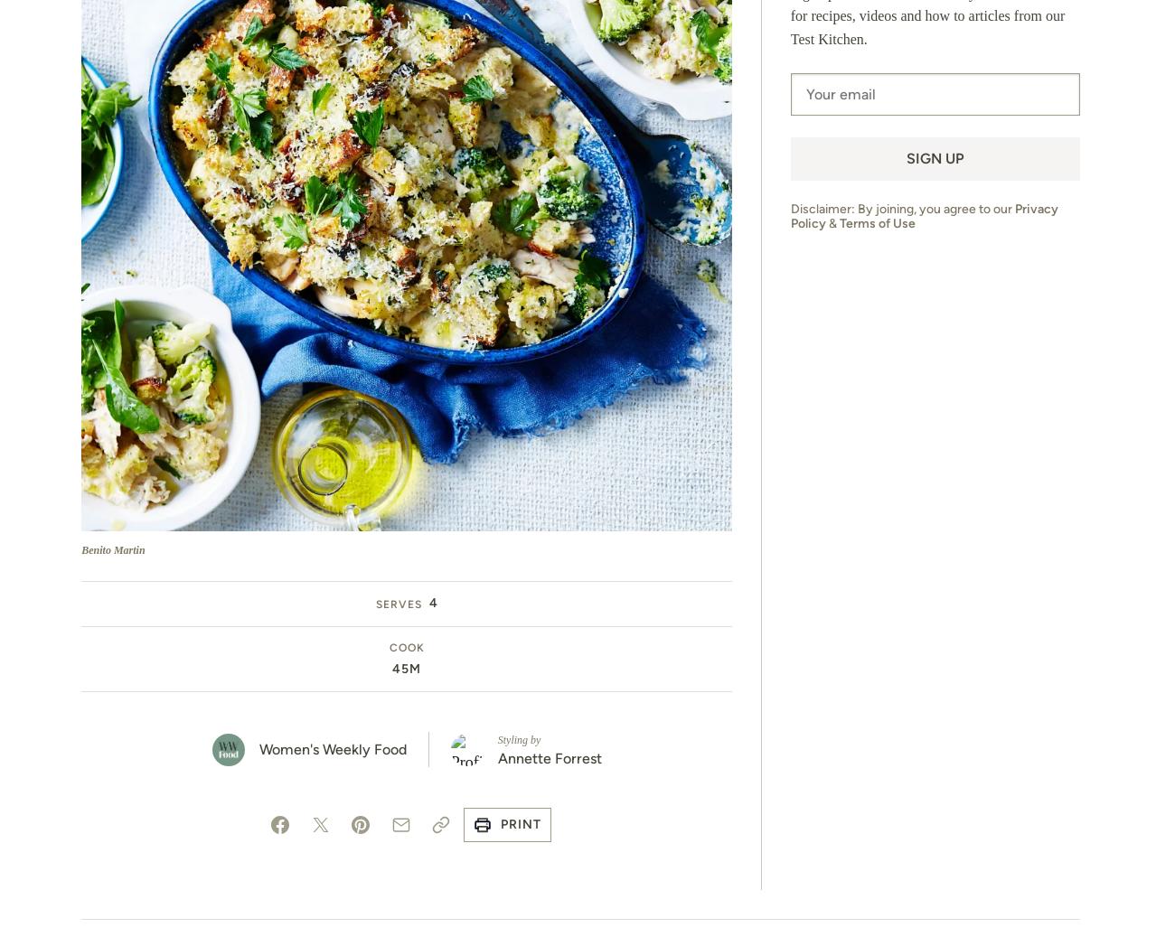  Describe the element at coordinates (331, 749) in the screenshot. I see `'Women's Weekly Food'` at that location.